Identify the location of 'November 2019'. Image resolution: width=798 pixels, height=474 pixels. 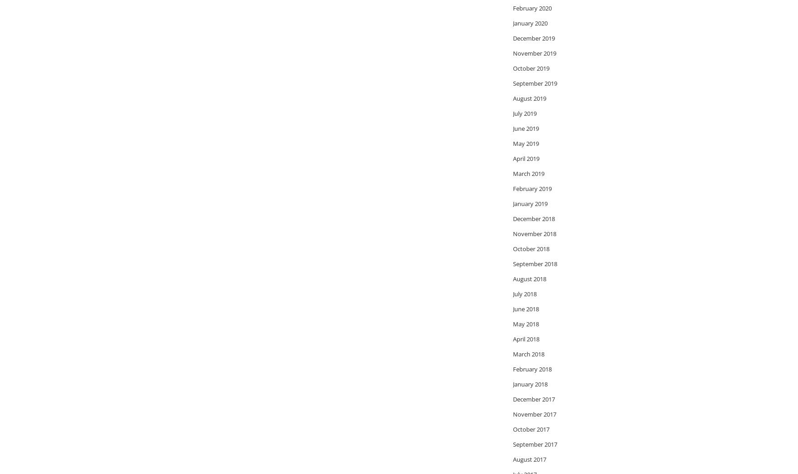
(534, 52).